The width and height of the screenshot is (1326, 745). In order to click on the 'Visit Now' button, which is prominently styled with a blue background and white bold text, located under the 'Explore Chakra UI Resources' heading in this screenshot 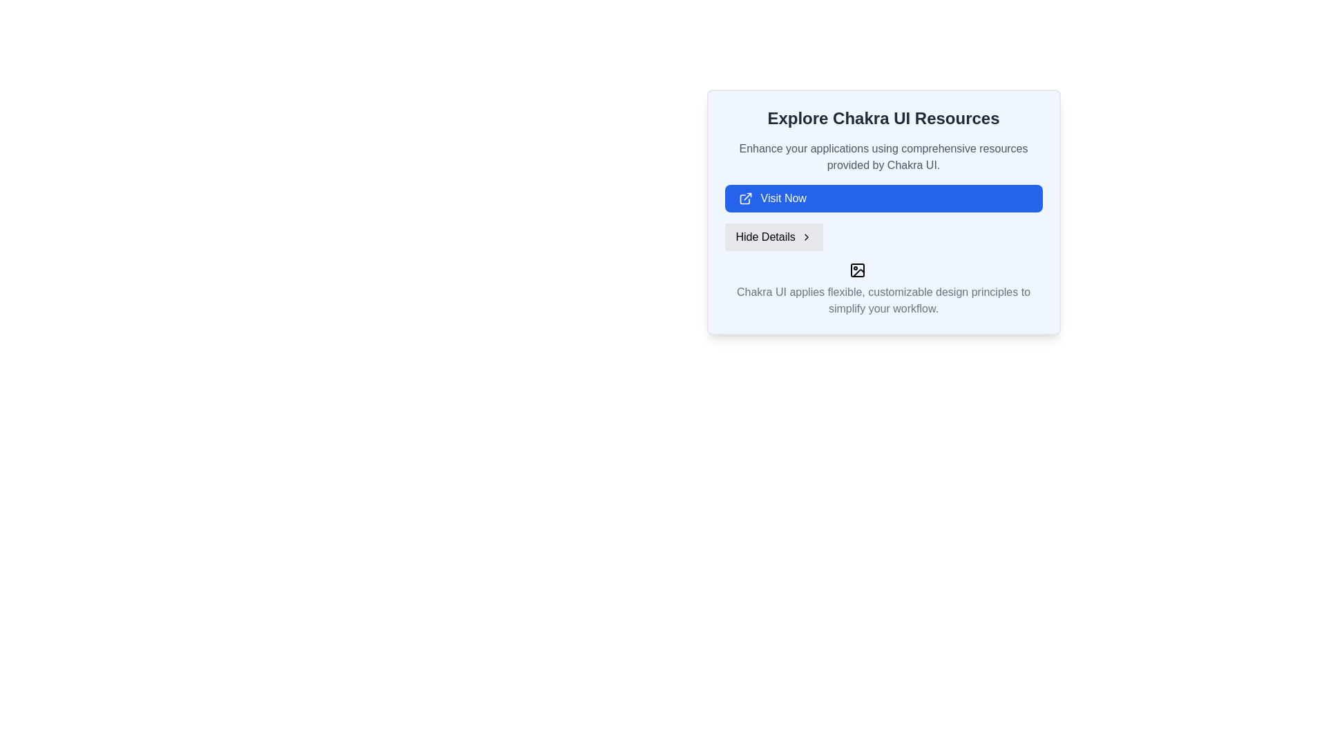, I will do `click(883, 212)`.